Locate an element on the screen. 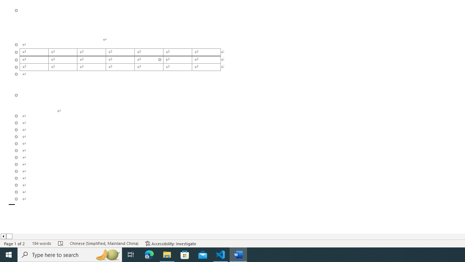  'Column left' is located at coordinates (3, 236).